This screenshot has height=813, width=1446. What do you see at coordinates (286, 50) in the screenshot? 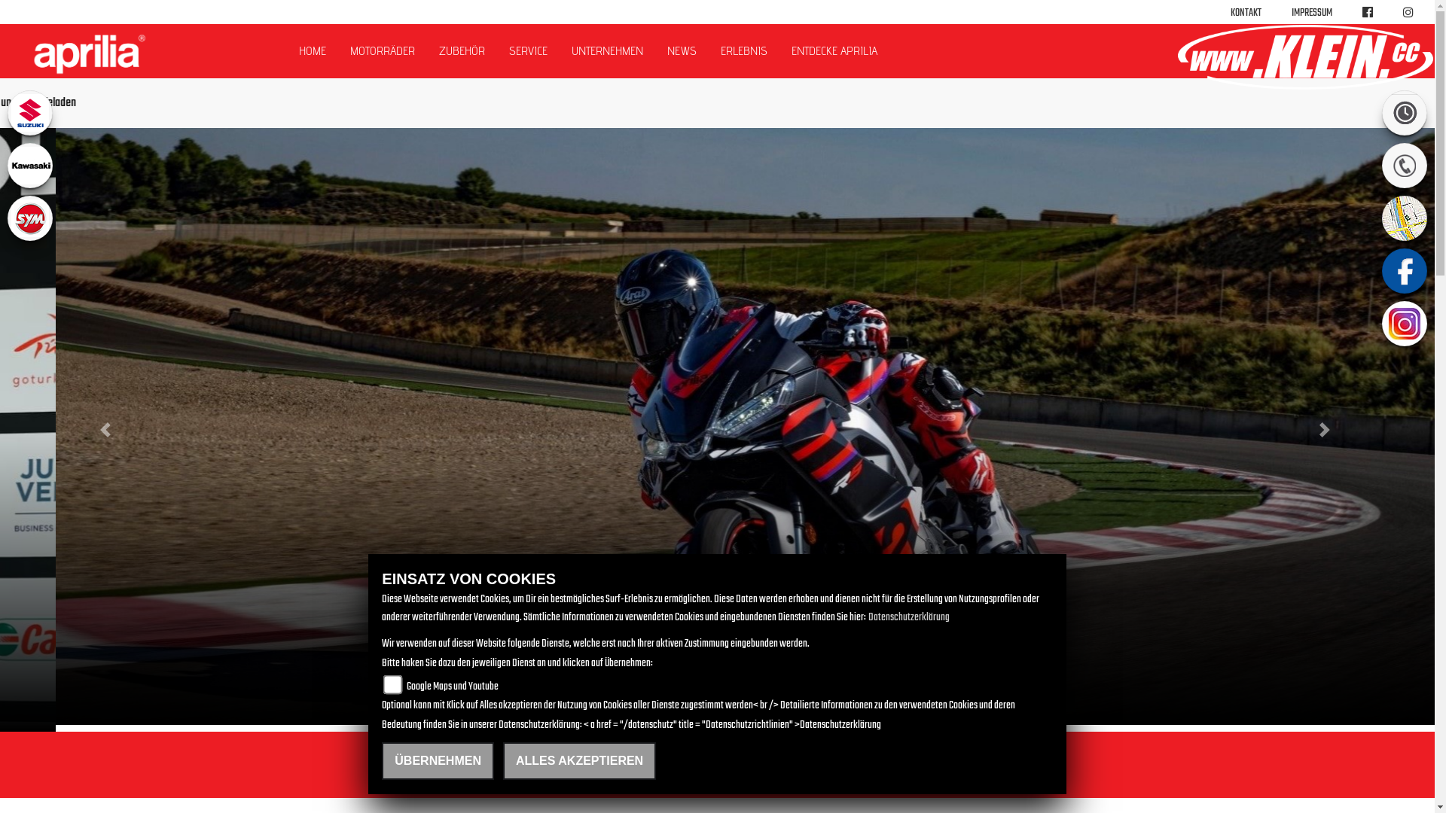
I see `'HOME'` at bounding box center [286, 50].